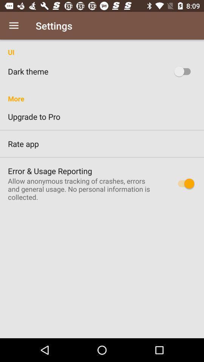  Describe the element at coordinates (102, 117) in the screenshot. I see `the icon below more` at that location.